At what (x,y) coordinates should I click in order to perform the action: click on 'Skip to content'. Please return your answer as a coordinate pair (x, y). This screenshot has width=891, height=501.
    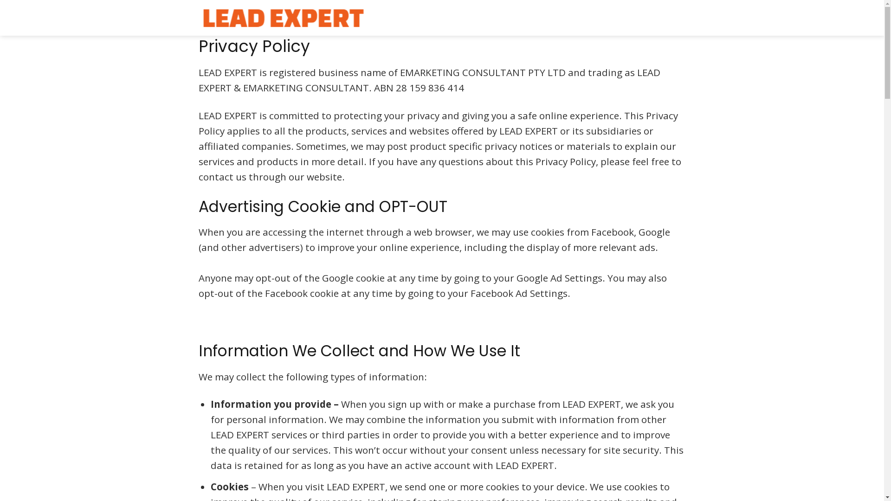
    Looking at the image, I should click on (0, 0).